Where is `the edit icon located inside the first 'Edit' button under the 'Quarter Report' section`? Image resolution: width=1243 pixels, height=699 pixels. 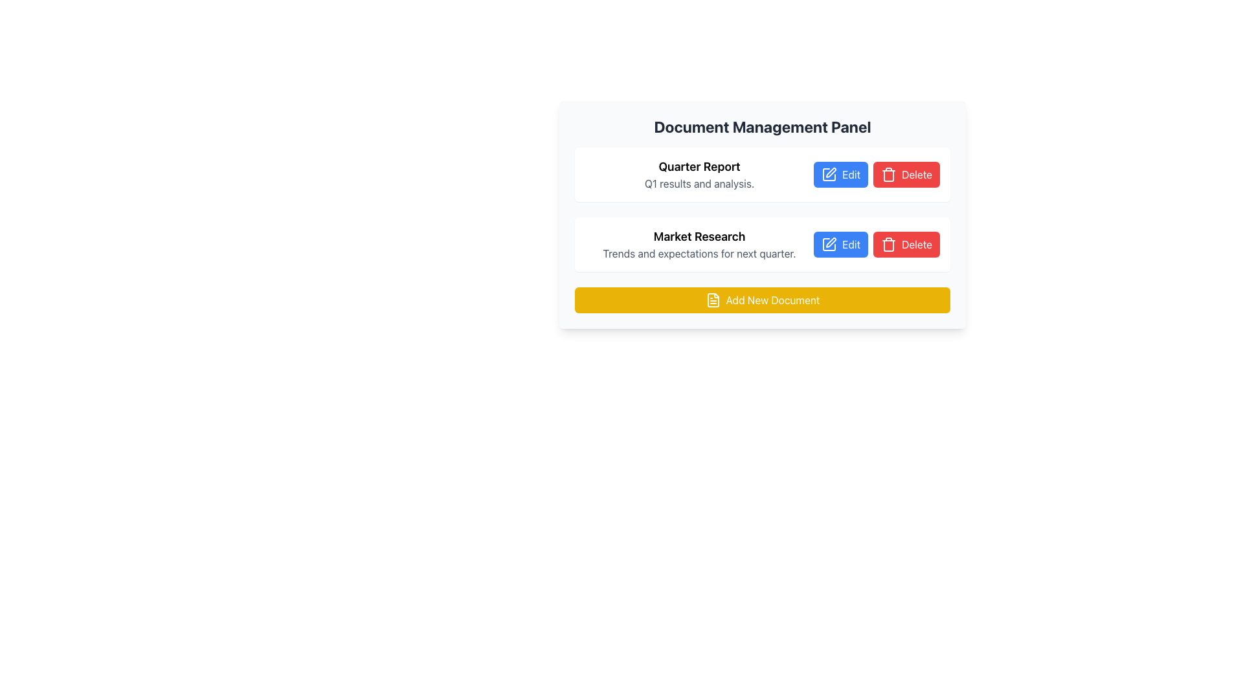
the edit icon located inside the first 'Edit' button under the 'Quarter Report' section is located at coordinates (831, 172).